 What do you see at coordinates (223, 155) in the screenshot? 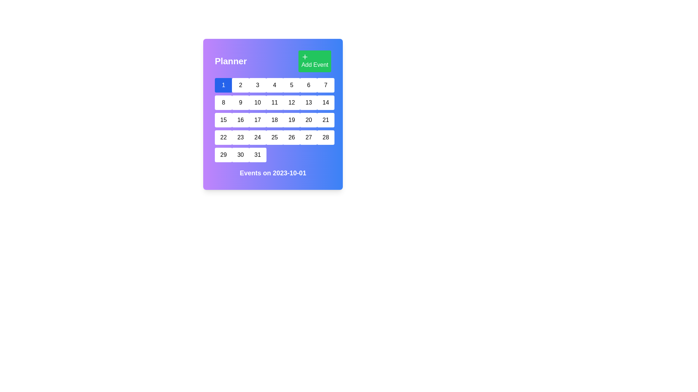
I see `the button representing a selectable day in the calendar interface located in the fifth row and first column` at bounding box center [223, 155].